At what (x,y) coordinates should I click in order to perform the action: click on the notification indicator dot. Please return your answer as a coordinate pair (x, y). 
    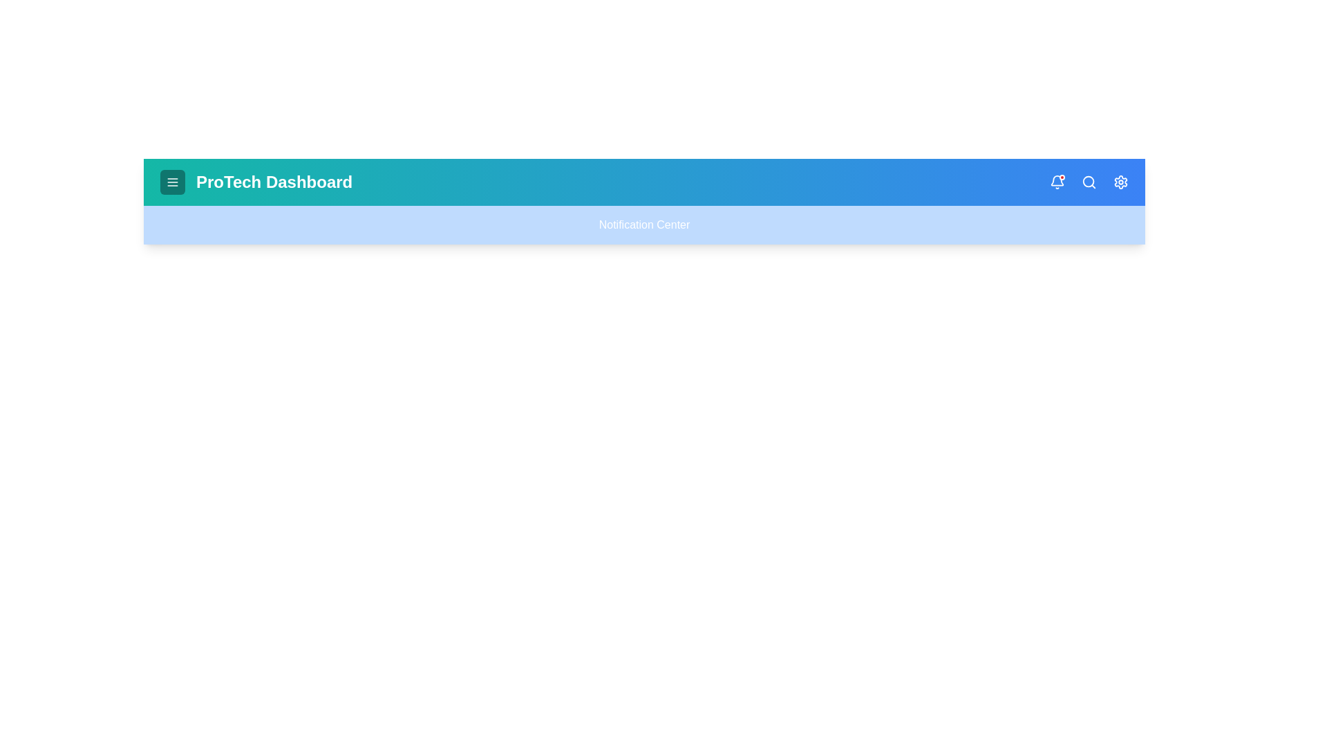
    Looking at the image, I should click on (1061, 177).